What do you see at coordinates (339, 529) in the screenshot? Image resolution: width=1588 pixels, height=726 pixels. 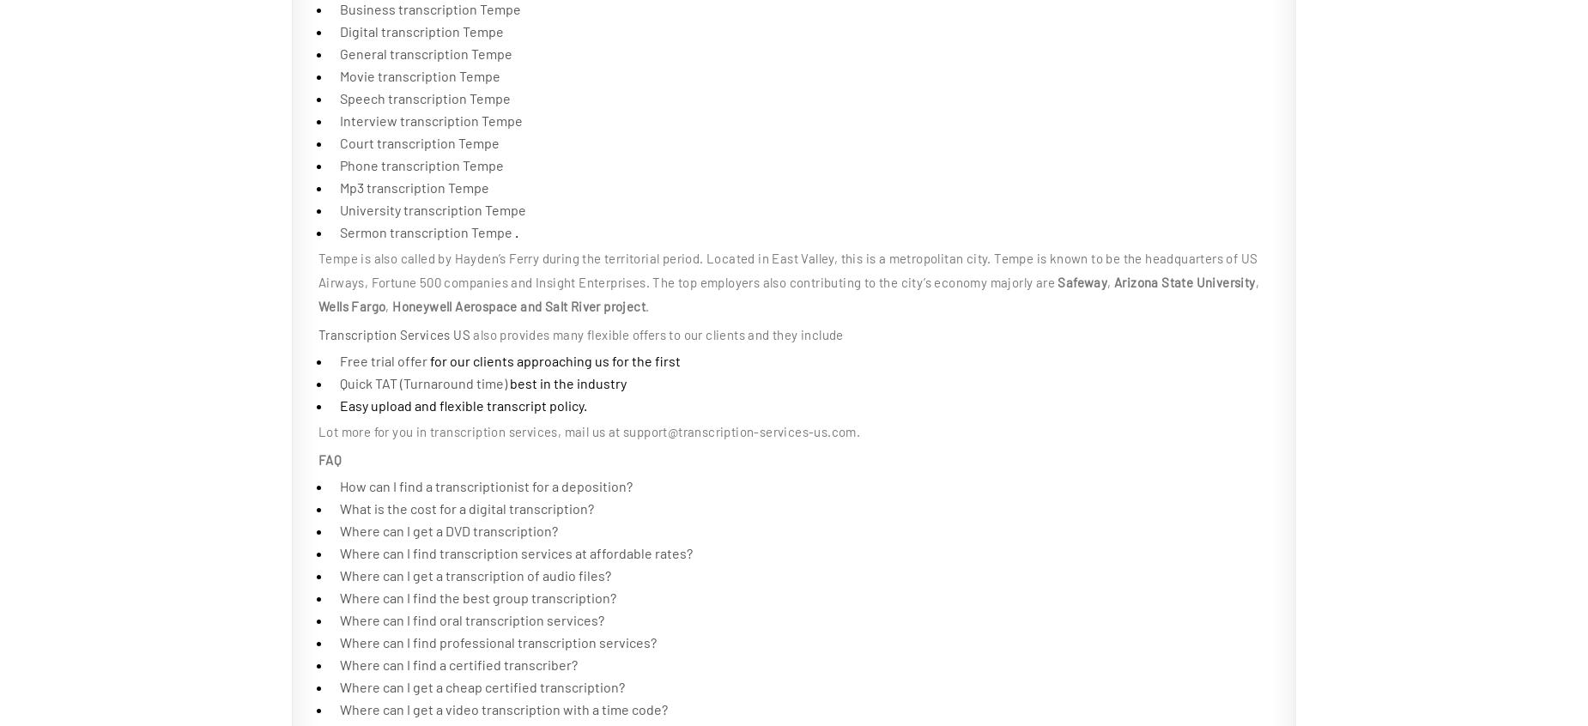 I see `'Where can I get a DVD transcription?'` at bounding box center [339, 529].